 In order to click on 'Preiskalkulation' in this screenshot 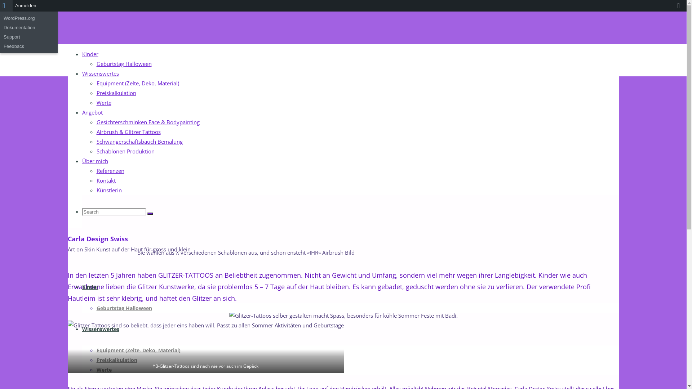, I will do `click(116, 93)`.